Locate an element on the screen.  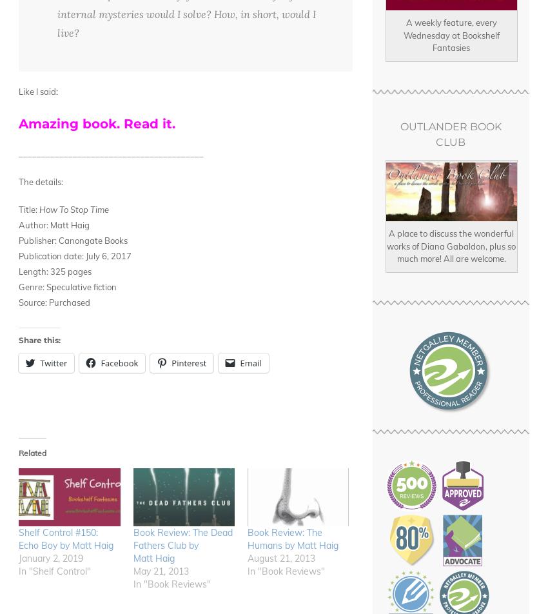
'Publisher: Canongate Books' is located at coordinates (72, 240).